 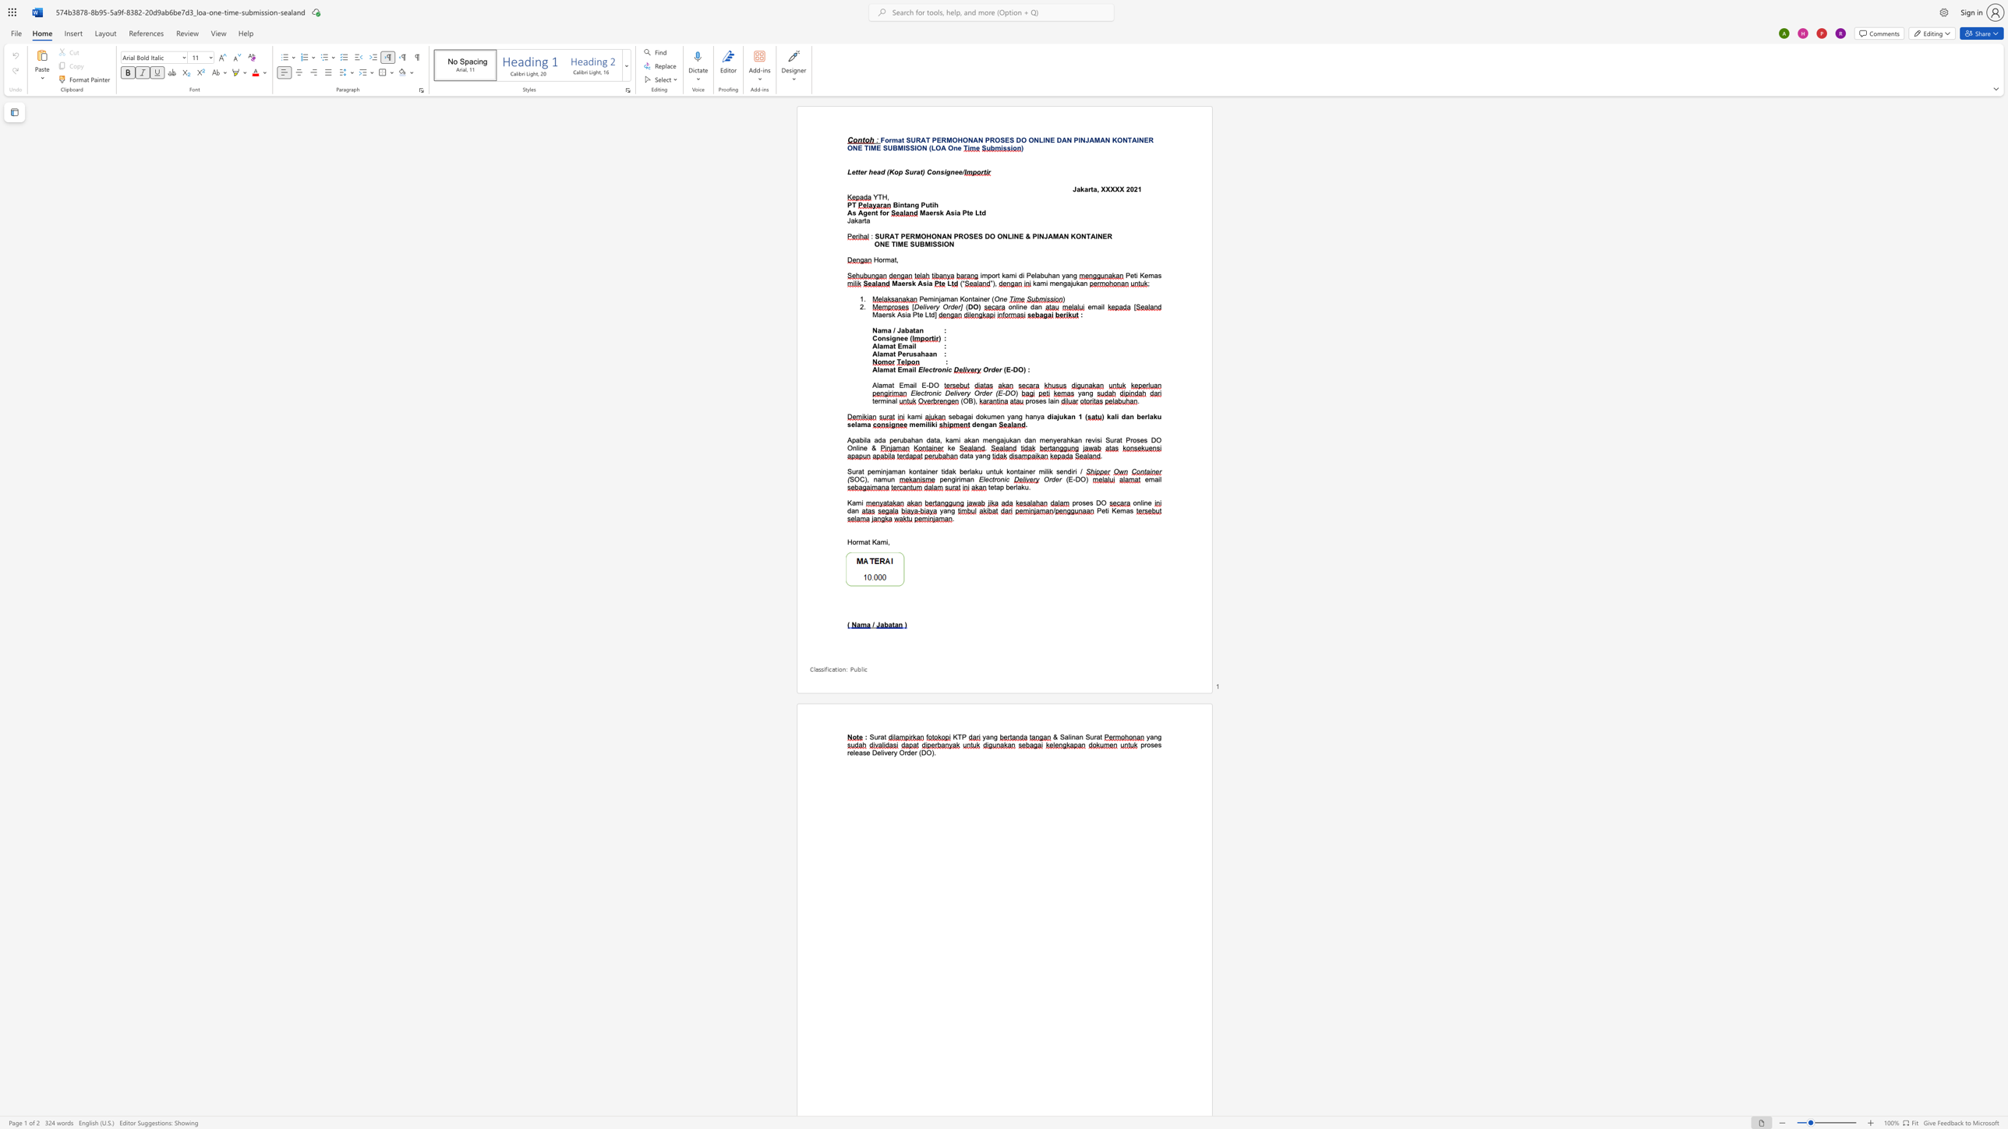 I want to click on the subset text "Proses DO On" within the text "Proses DO Online &", so click(x=1126, y=439).